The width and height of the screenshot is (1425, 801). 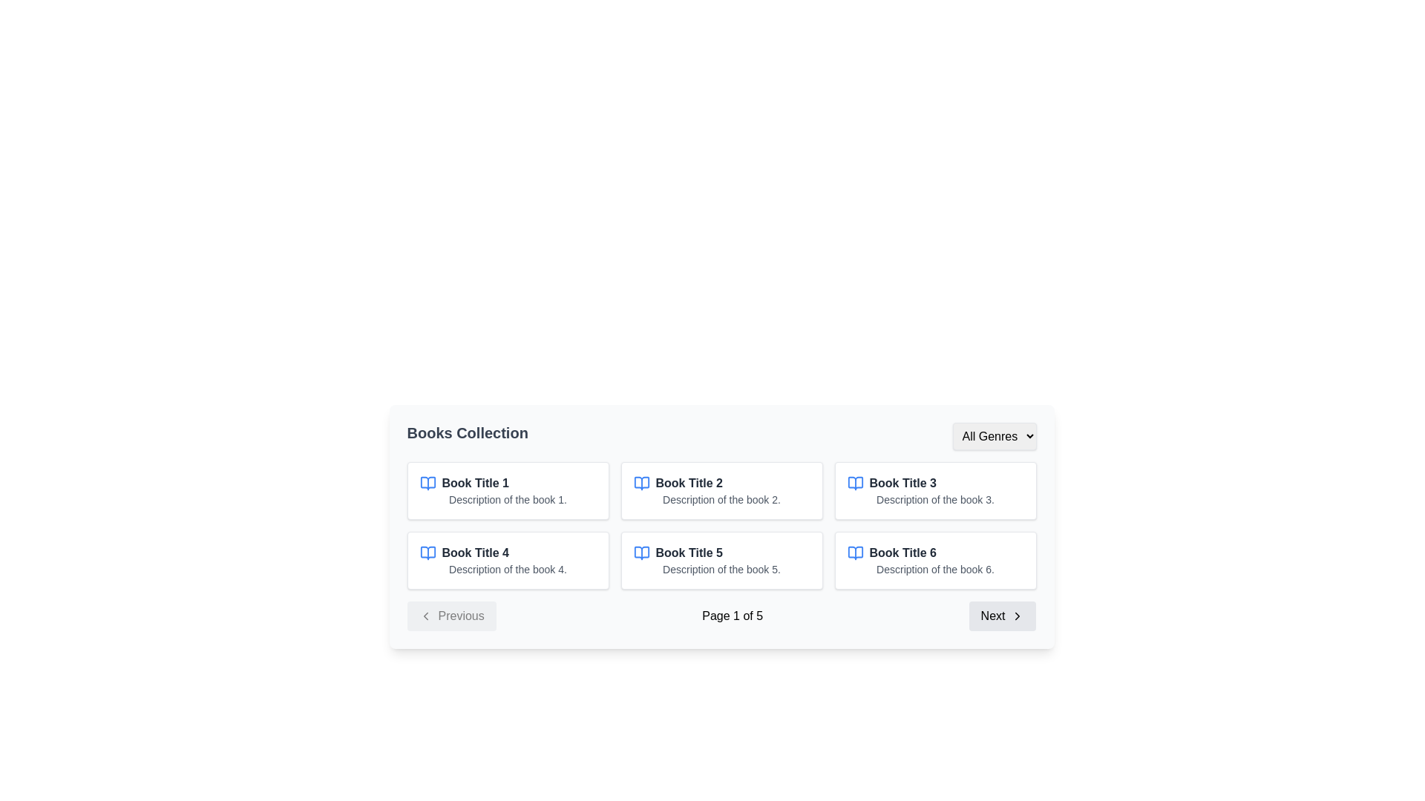 I want to click on title of the book displayed in the text label located near the top of the second card in the grid layout, so click(x=721, y=483).